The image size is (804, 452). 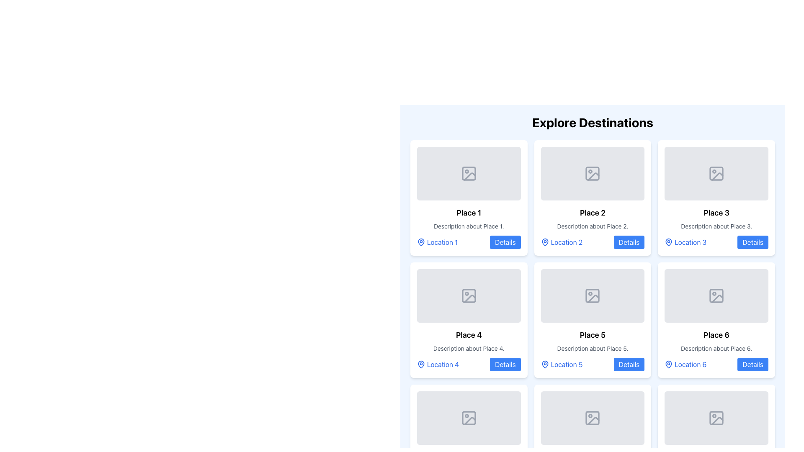 I want to click on the blue rectangular button labeled 'Details' corresponding to 'Place 6', so click(x=753, y=364).